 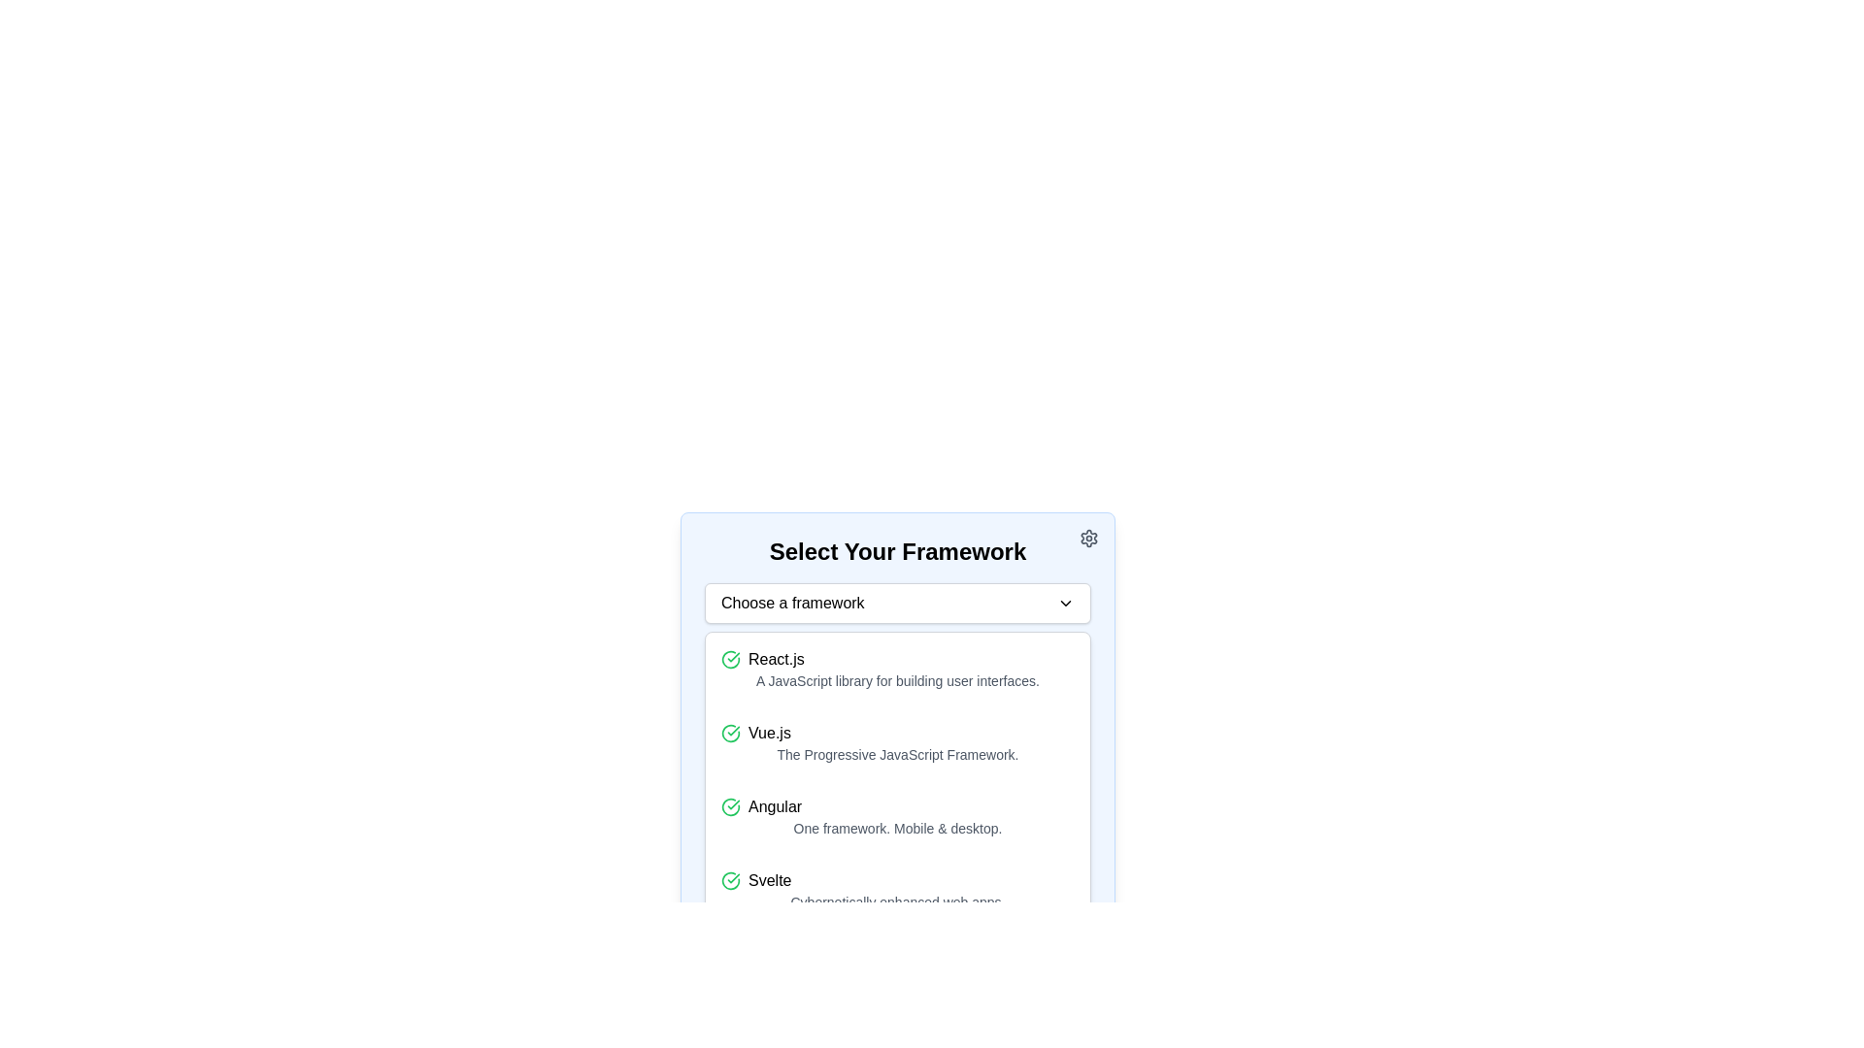 What do you see at coordinates (897, 828) in the screenshot?
I see `the text label that reads 'One framework. Mobile & desktop.' styled in a small gray font, located directly below the 'Angular' label` at bounding box center [897, 828].